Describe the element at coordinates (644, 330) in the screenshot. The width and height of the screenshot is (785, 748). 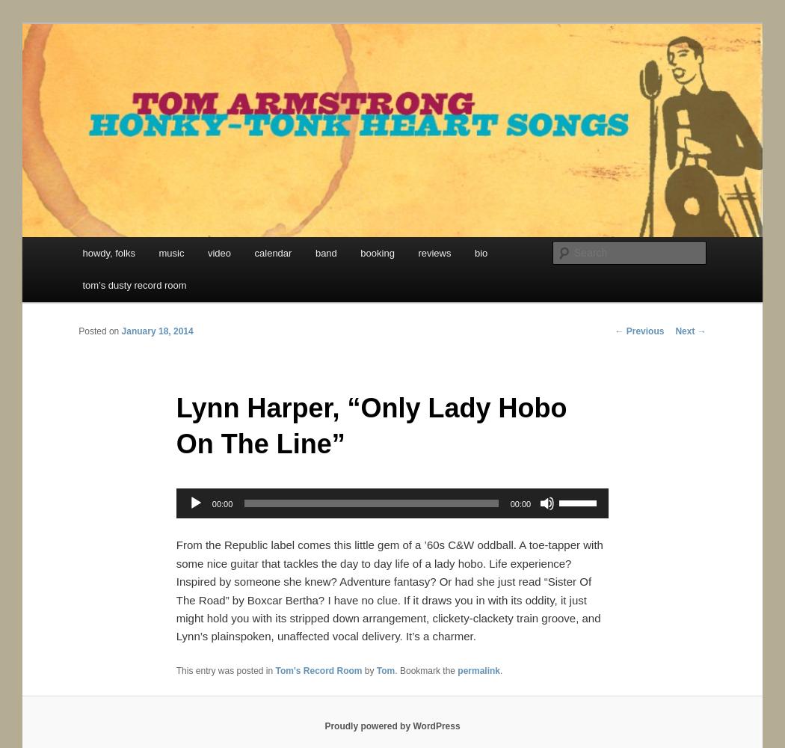
I see `'Previous'` at that location.